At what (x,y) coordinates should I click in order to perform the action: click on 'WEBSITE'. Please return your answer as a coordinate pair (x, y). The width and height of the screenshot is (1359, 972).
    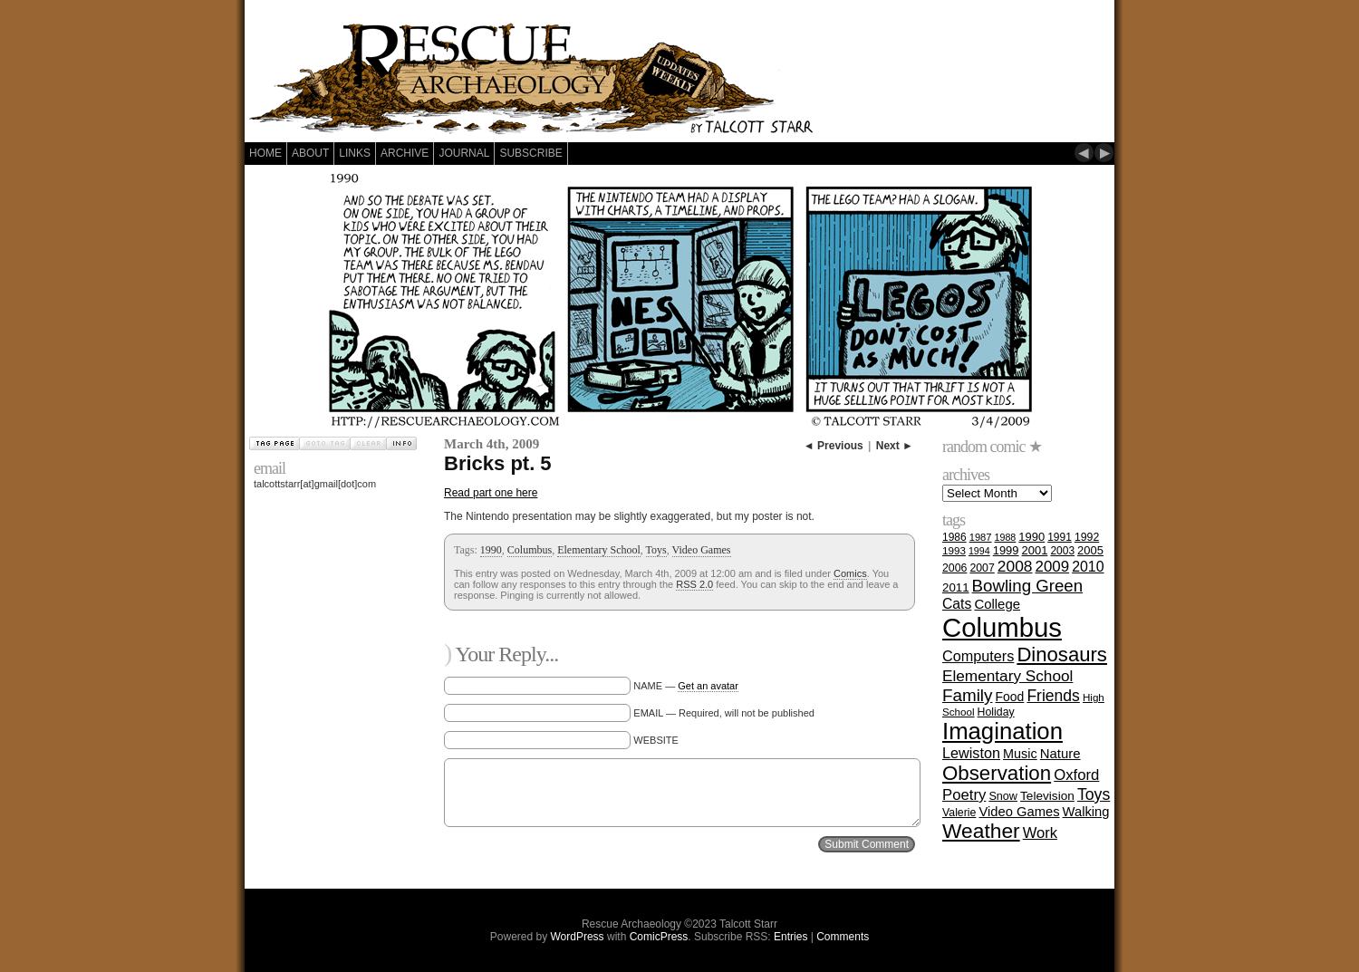
    Looking at the image, I should click on (632, 739).